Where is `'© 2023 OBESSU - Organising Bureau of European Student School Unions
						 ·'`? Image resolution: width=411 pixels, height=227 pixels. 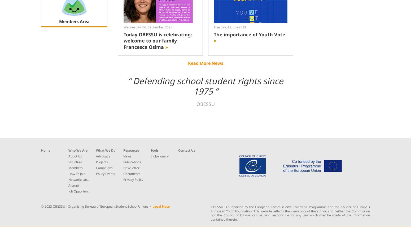 '© 2023 OBESSU - Organising Bureau of European Student School Unions
						 ·' is located at coordinates (97, 206).